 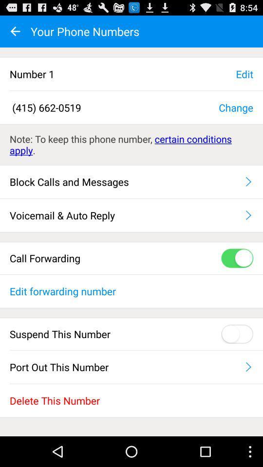 I want to click on the edit forwarding number, so click(x=131, y=291).